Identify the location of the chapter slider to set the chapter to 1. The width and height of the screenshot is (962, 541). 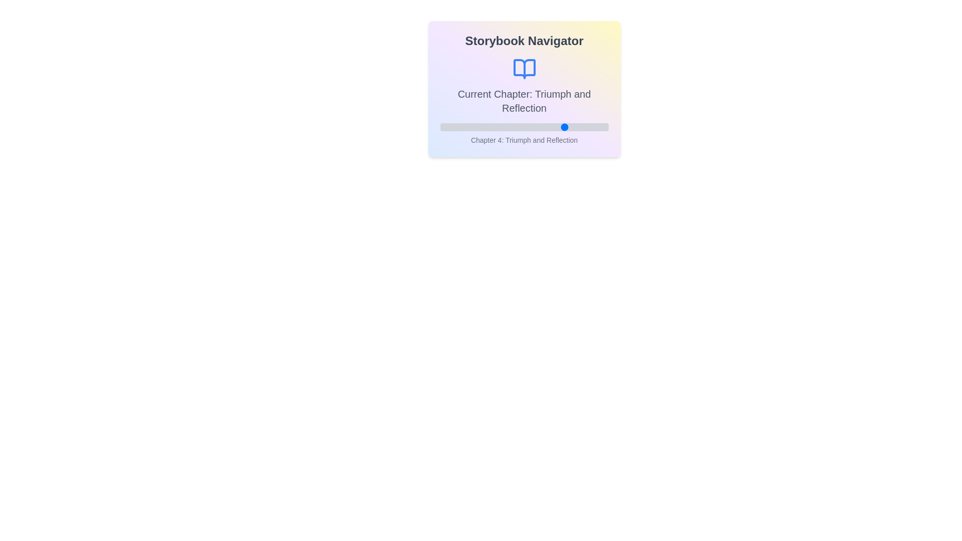
(440, 127).